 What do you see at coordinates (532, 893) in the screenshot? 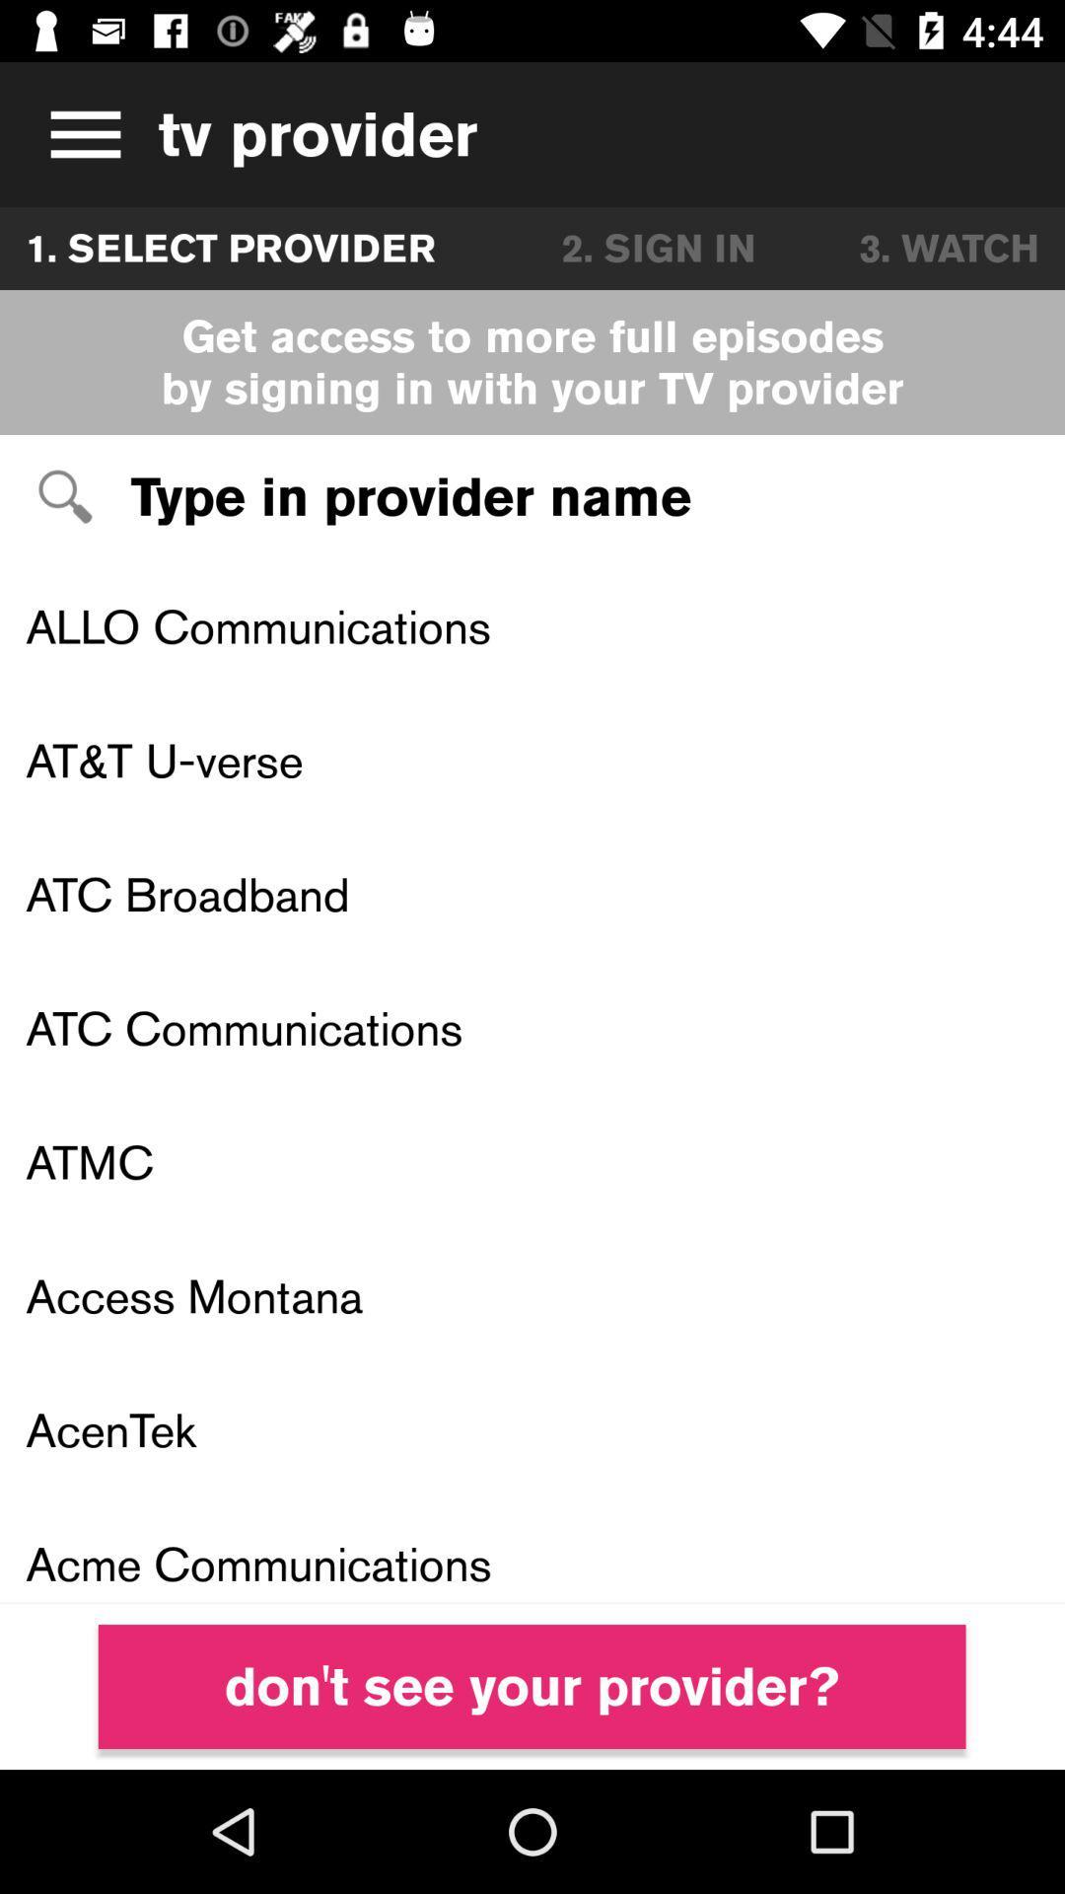
I see `item above atc communications` at bounding box center [532, 893].